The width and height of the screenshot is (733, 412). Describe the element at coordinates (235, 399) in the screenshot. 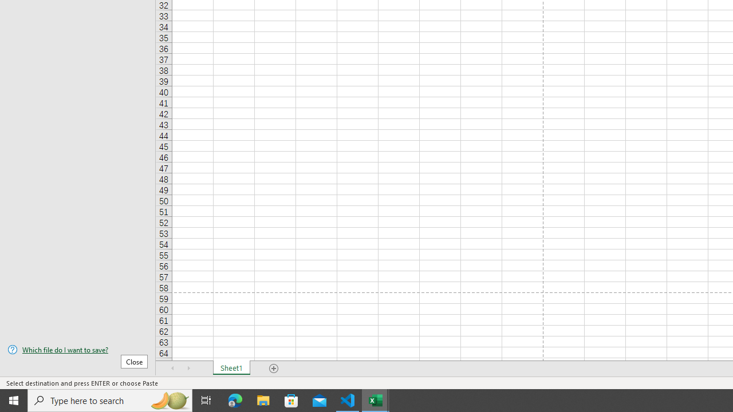

I see `'Microsoft Edge'` at that location.